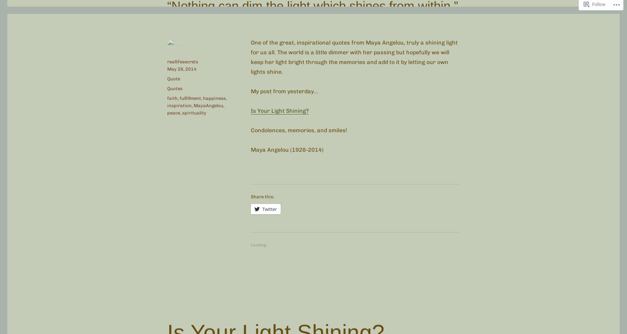 This screenshot has height=334, width=627. Describe the element at coordinates (214, 97) in the screenshot. I see `'happiness'` at that location.